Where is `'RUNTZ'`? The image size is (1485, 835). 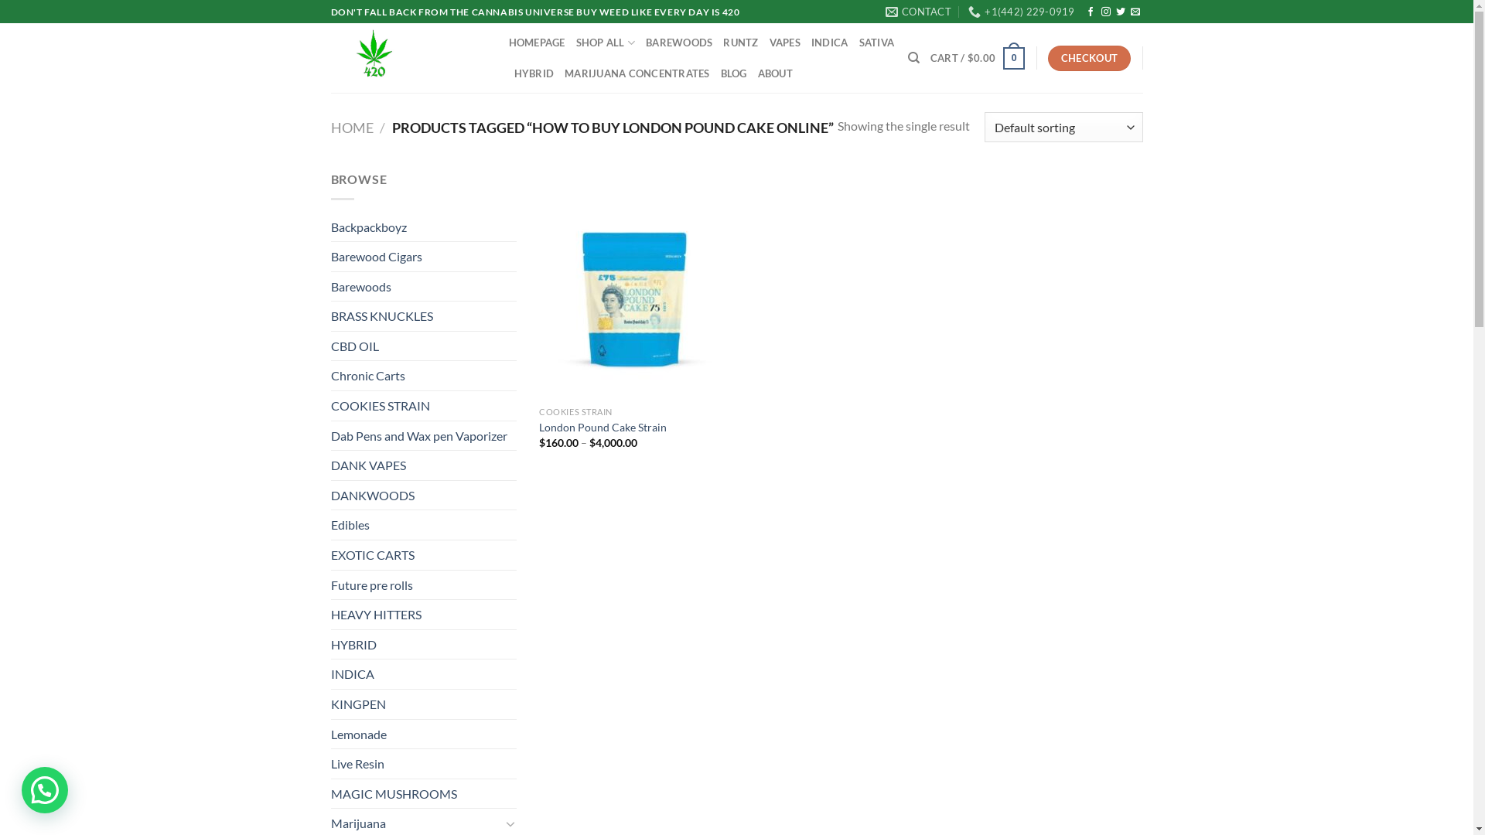
'RUNTZ' is located at coordinates (739, 41).